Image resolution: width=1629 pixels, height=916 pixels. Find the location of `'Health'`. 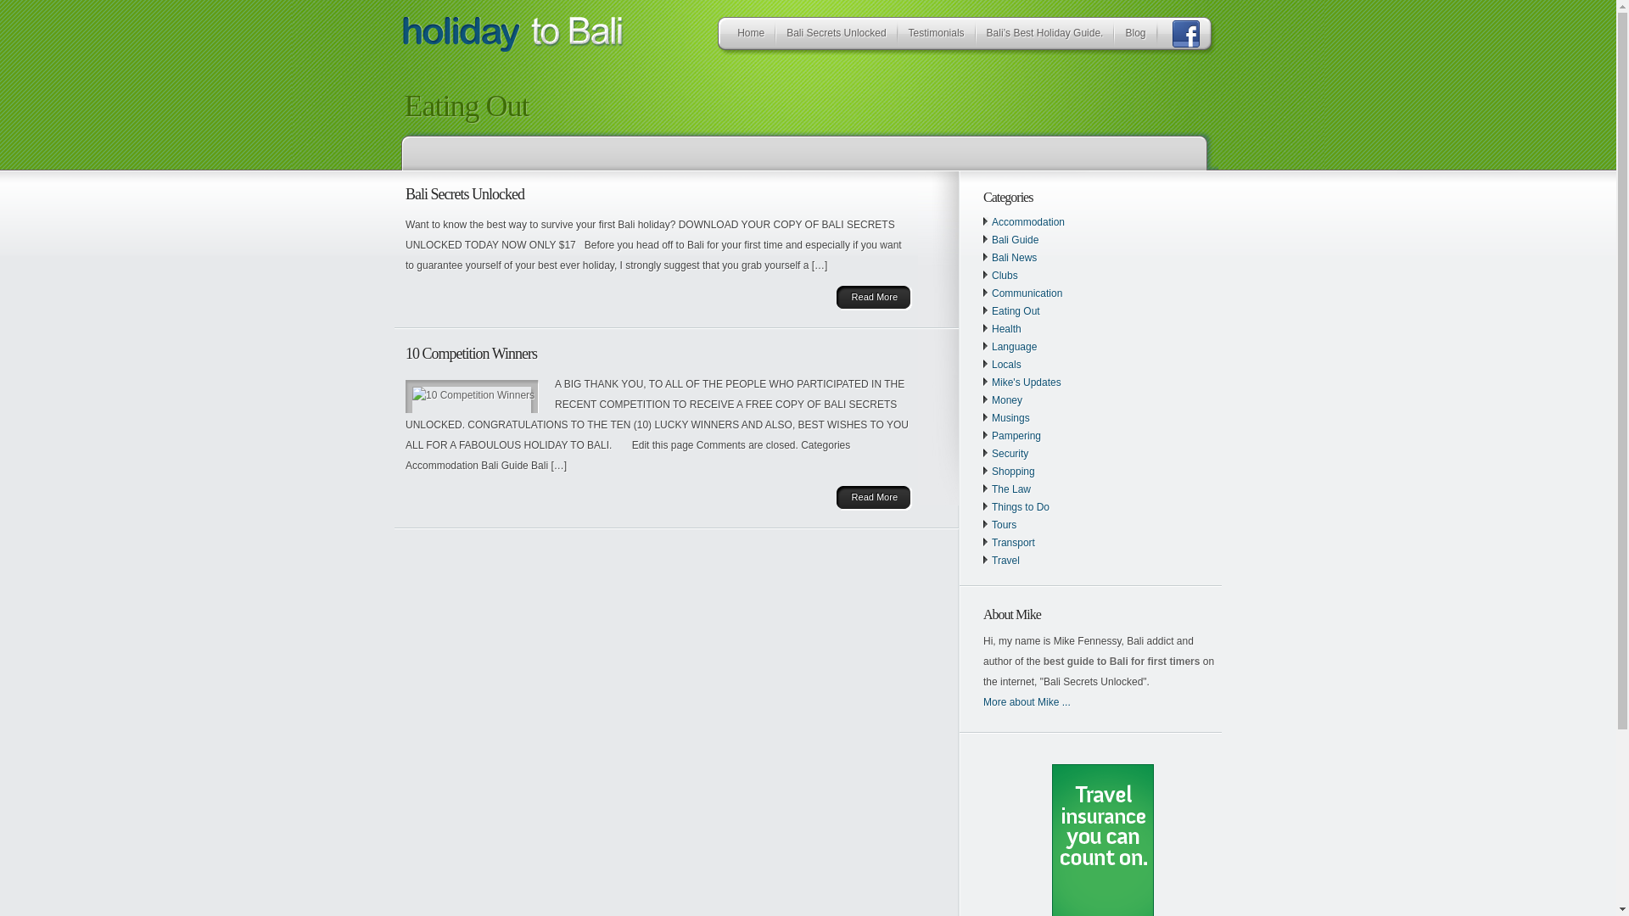

'Health' is located at coordinates (1006, 329).